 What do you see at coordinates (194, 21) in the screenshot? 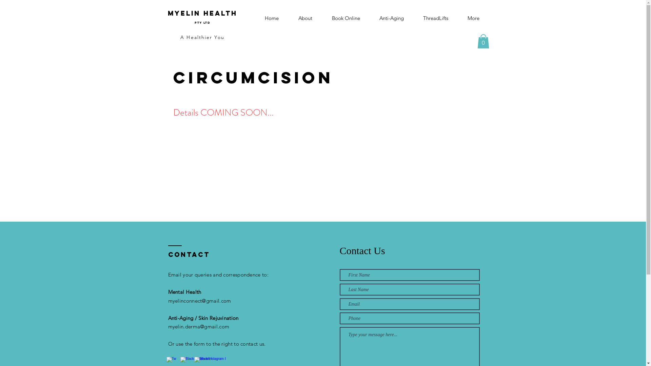
I see `'Pty Ltd'` at bounding box center [194, 21].